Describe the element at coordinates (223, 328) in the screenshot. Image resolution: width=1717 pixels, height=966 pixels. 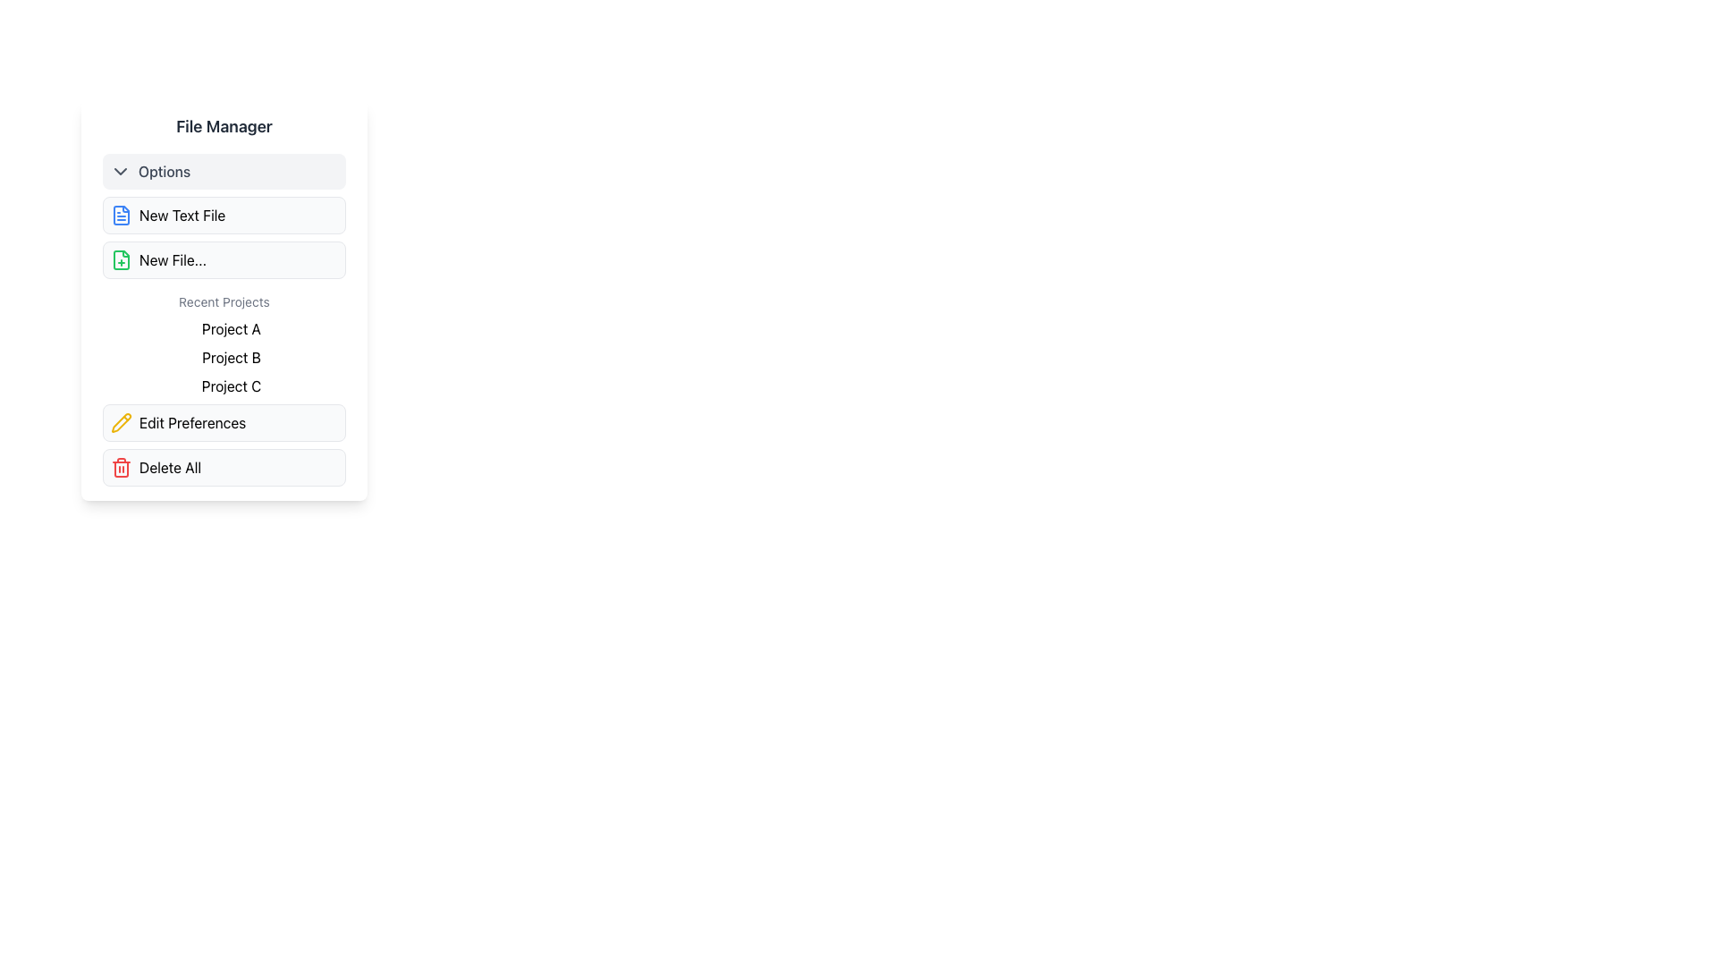
I see `the text label for 'Project A' in the Recent Projects list` at that location.